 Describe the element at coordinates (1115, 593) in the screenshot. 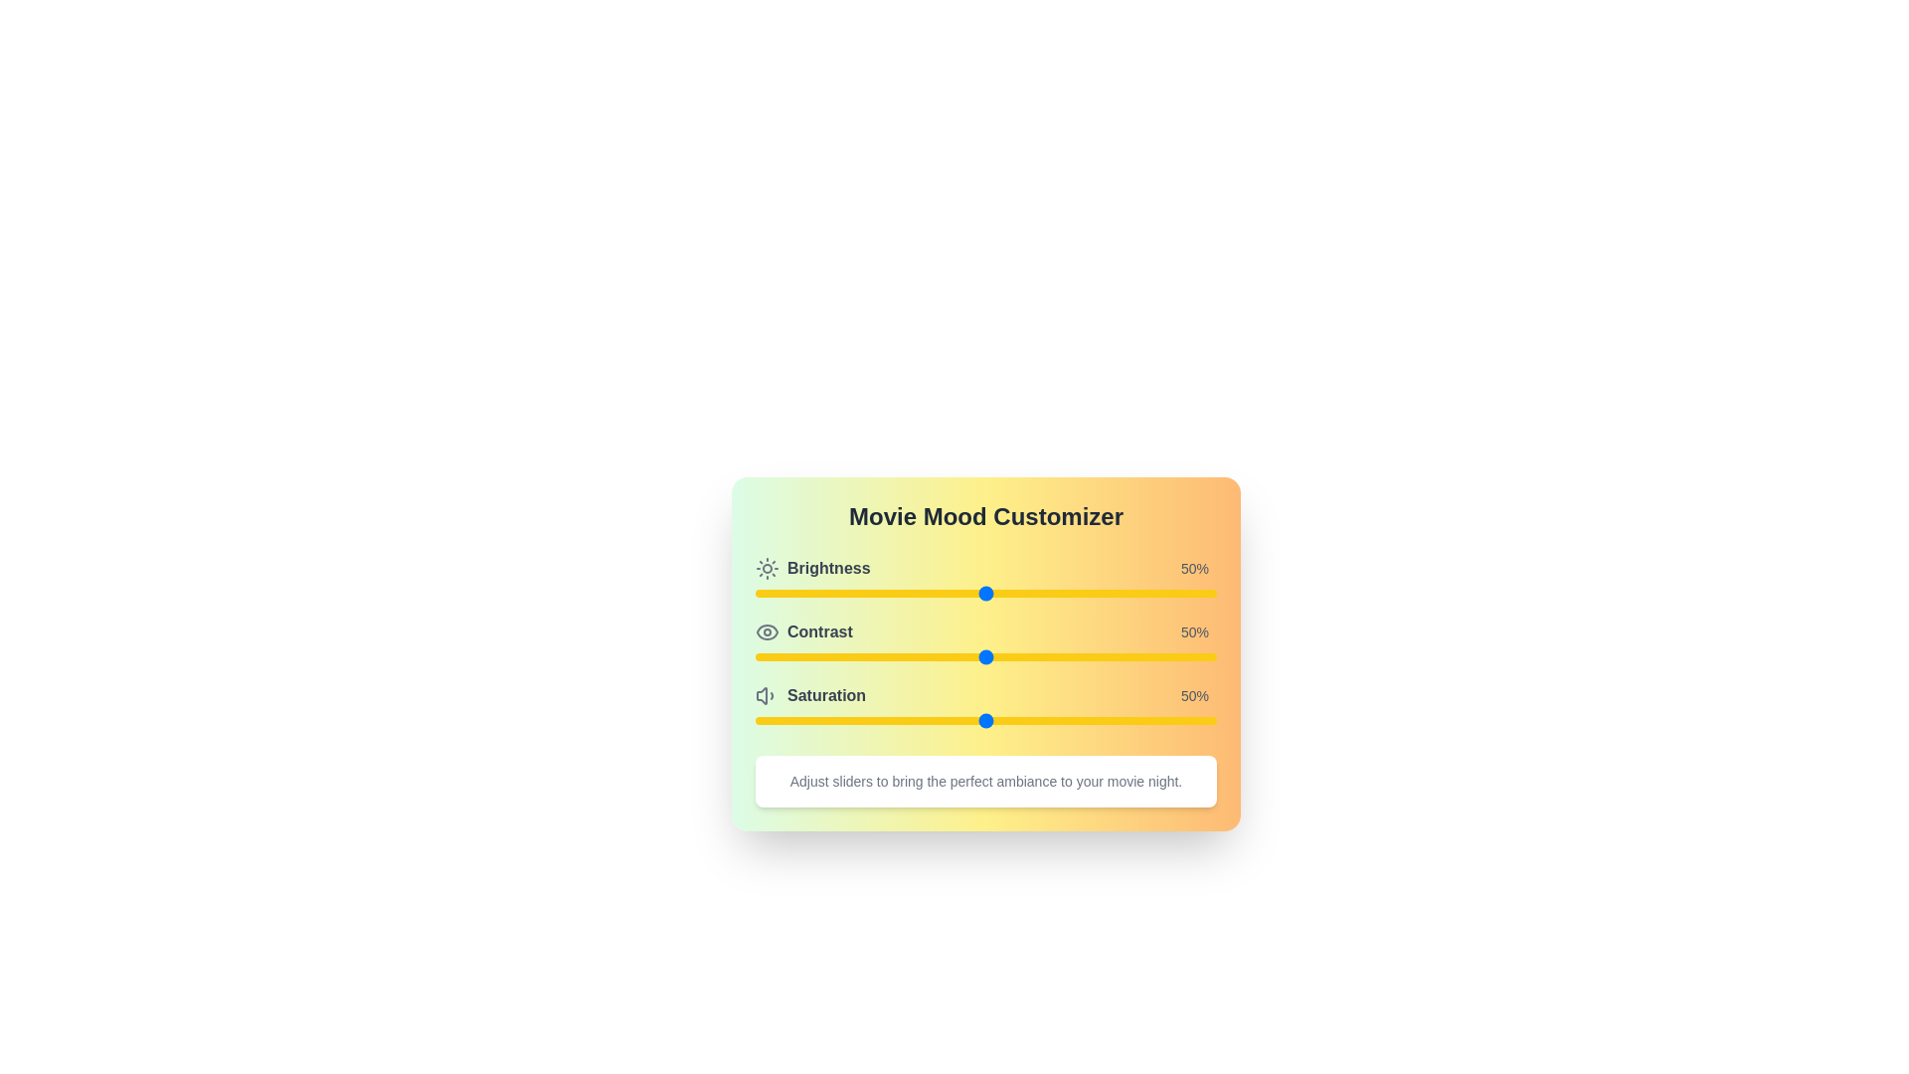

I see `brightness` at that location.